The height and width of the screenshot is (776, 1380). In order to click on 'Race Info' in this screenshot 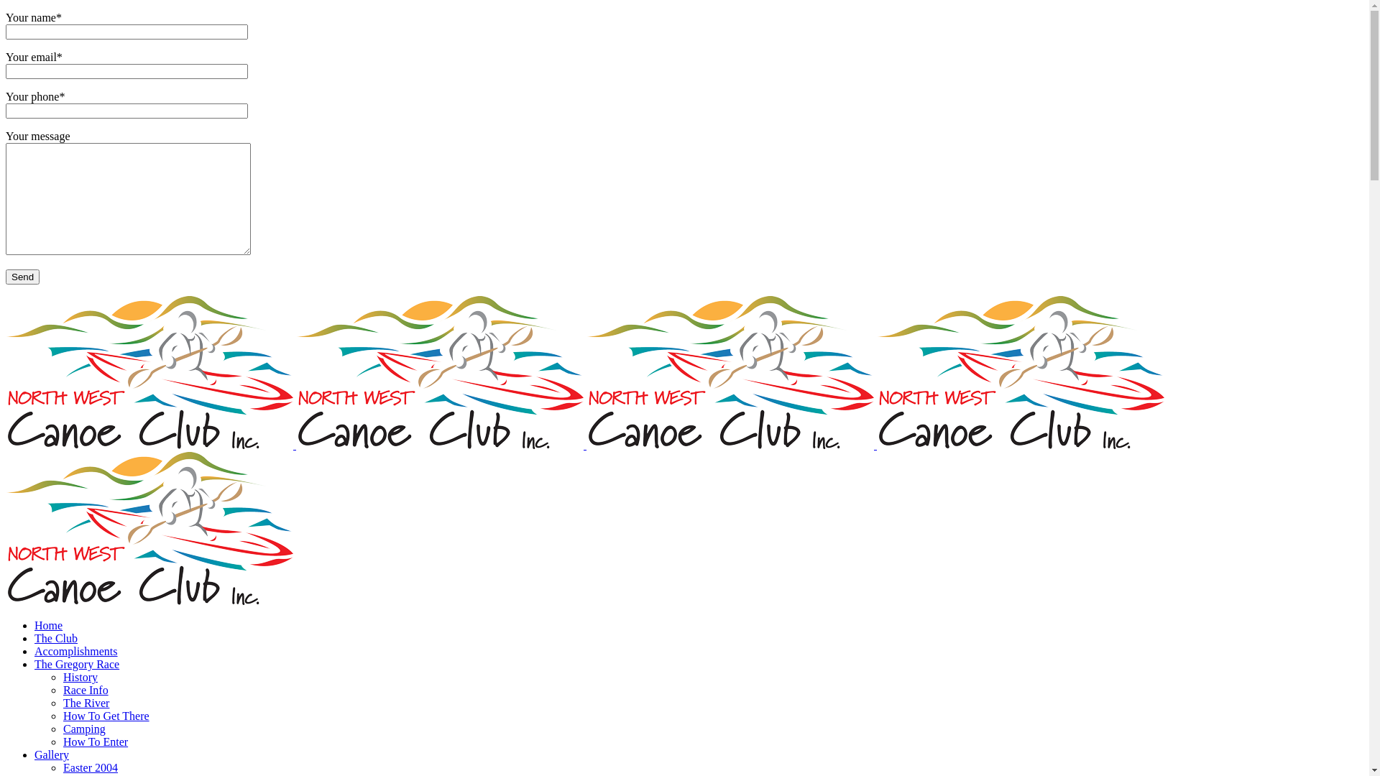, I will do `click(85, 689)`.